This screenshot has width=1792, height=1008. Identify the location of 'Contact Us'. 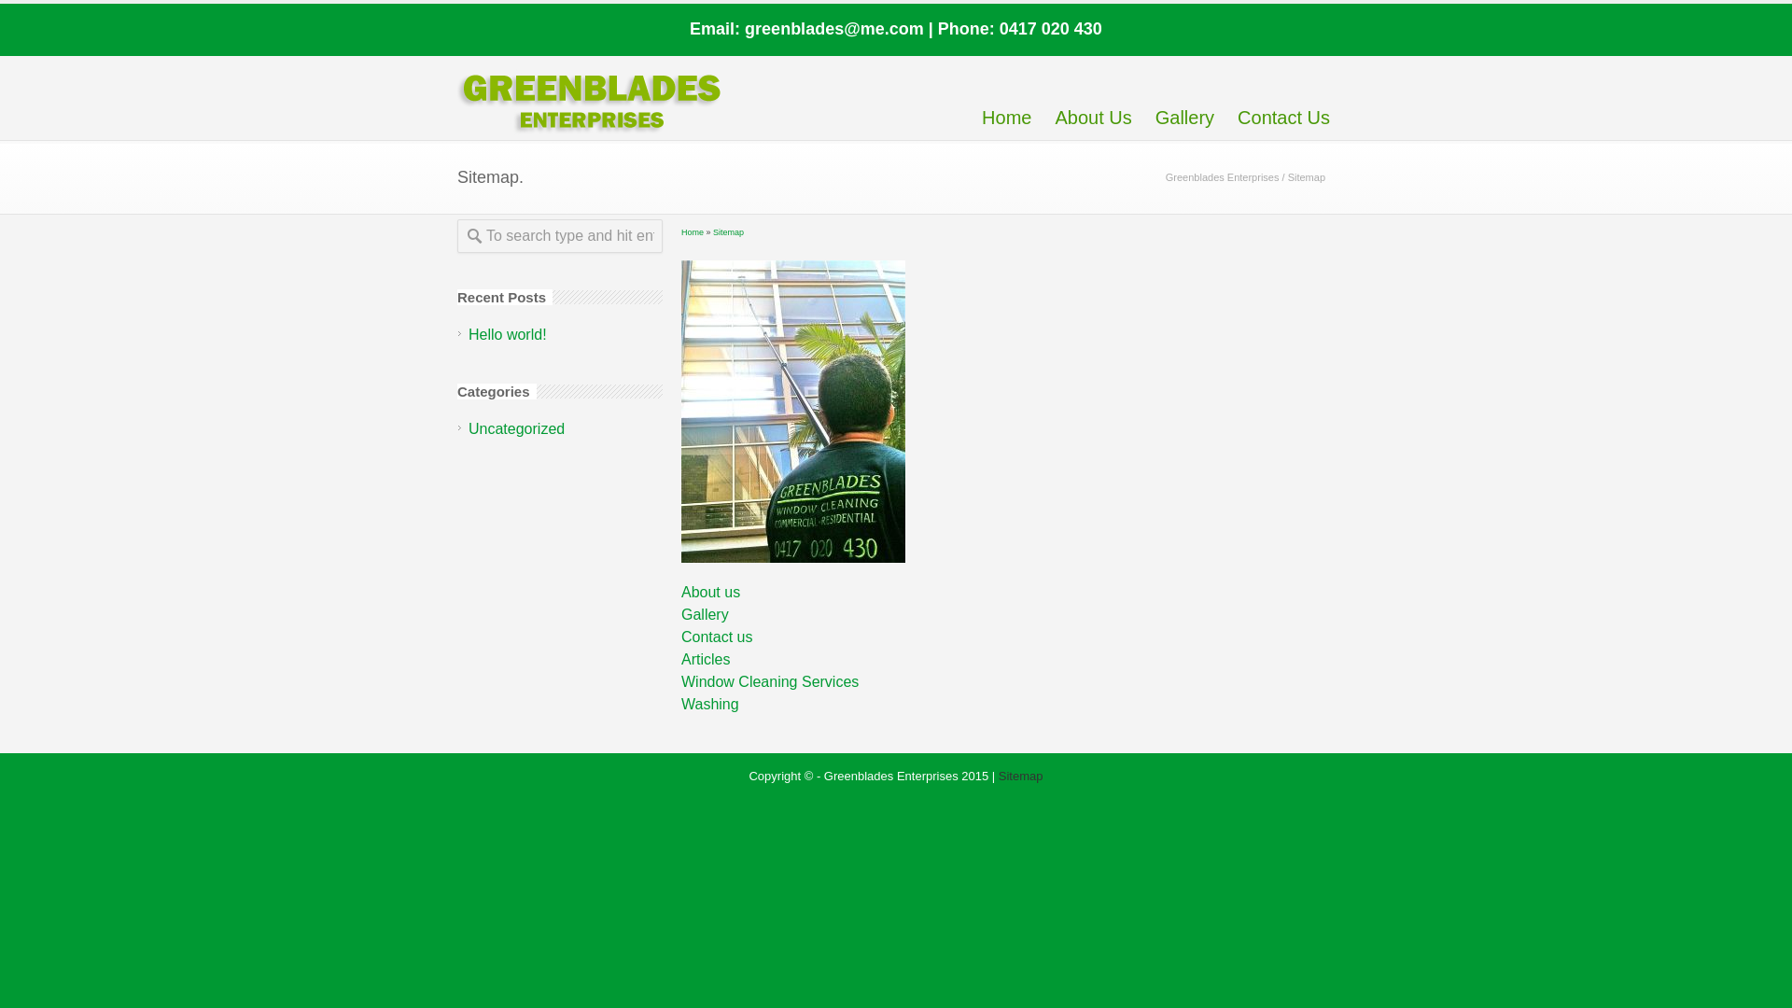
(1282, 96).